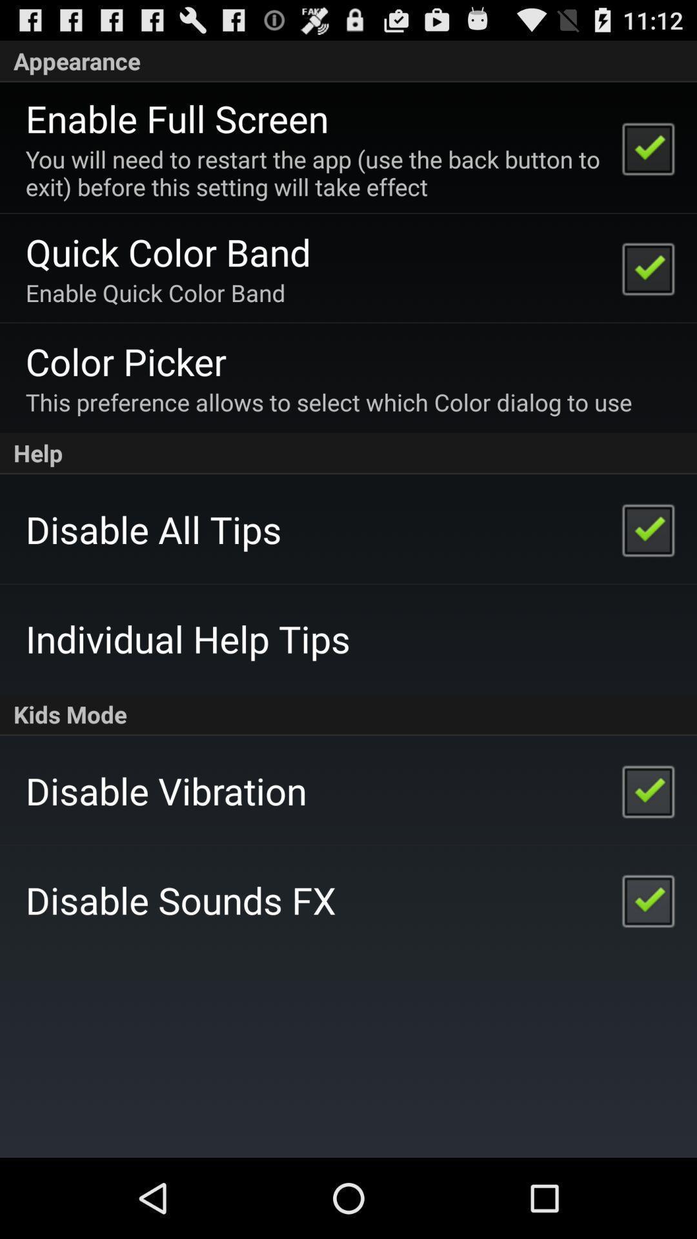 The width and height of the screenshot is (697, 1239). I want to click on icon above quick color band icon, so click(316, 172).